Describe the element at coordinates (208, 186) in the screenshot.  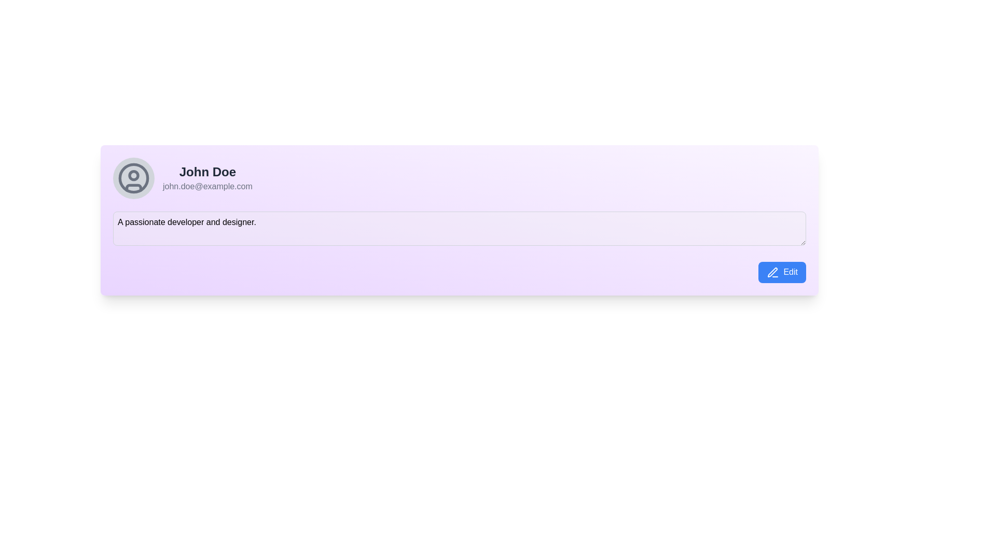
I see `the non-interactive text label displaying the user's email address, which is positioned beneath the name 'John Doe' in the profile section` at that location.